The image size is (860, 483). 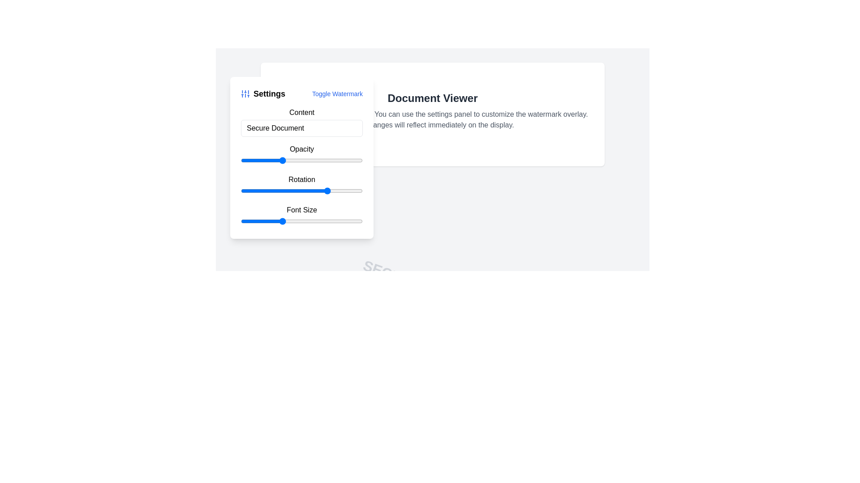 What do you see at coordinates (265, 191) in the screenshot?
I see `the rotation value` at bounding box center [265, 191].